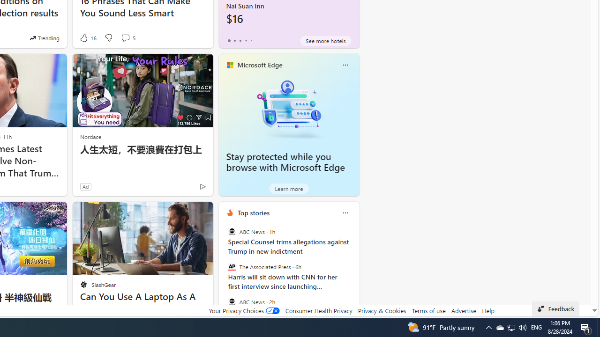 The width and height of the screenshot is (600, 337). I want to click on 'tab-0', so click(229, 40).